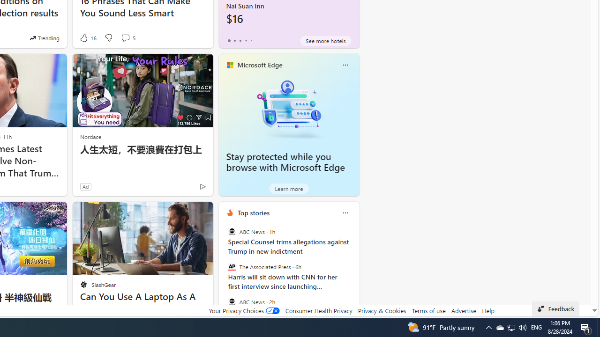 The width and height of the screenshot is (600, 337). I want to click on 'tab-0', so click(229, 40).